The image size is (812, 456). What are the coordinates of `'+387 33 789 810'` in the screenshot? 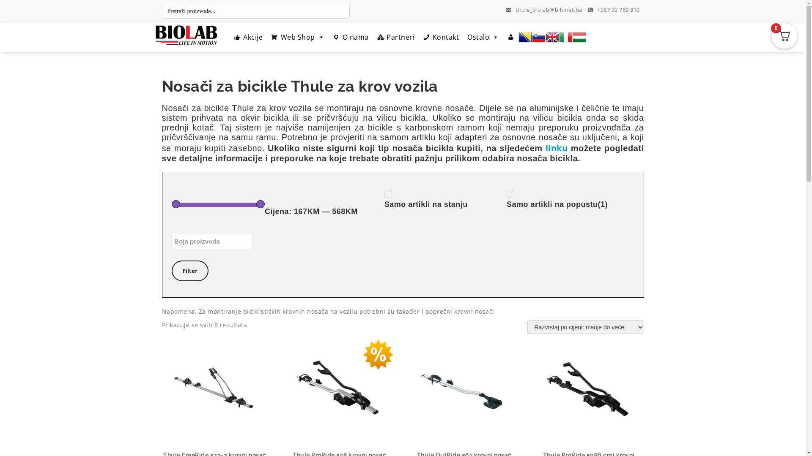 It's located at (614, 10).